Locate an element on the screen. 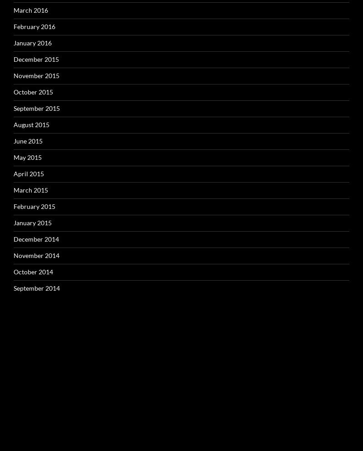 Image resolution: width=363 pixels, height=451 pixels. 'Categories' is located at coordinates (33, 327).